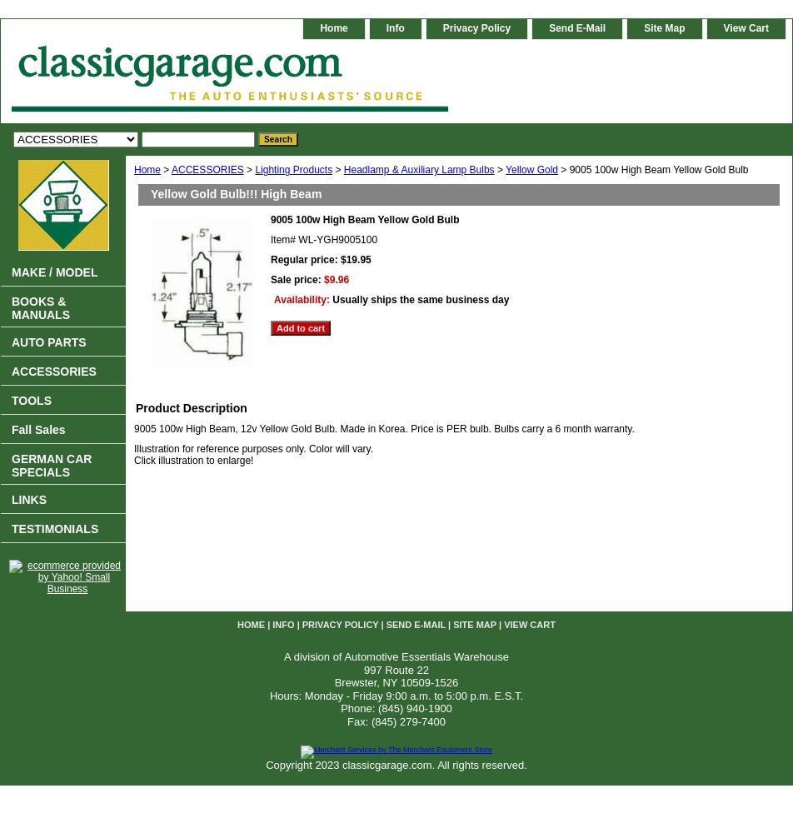  Describe the element at coordinates (48, 342) in the screenshot. I see `'AUTO PARTS'` at that location.